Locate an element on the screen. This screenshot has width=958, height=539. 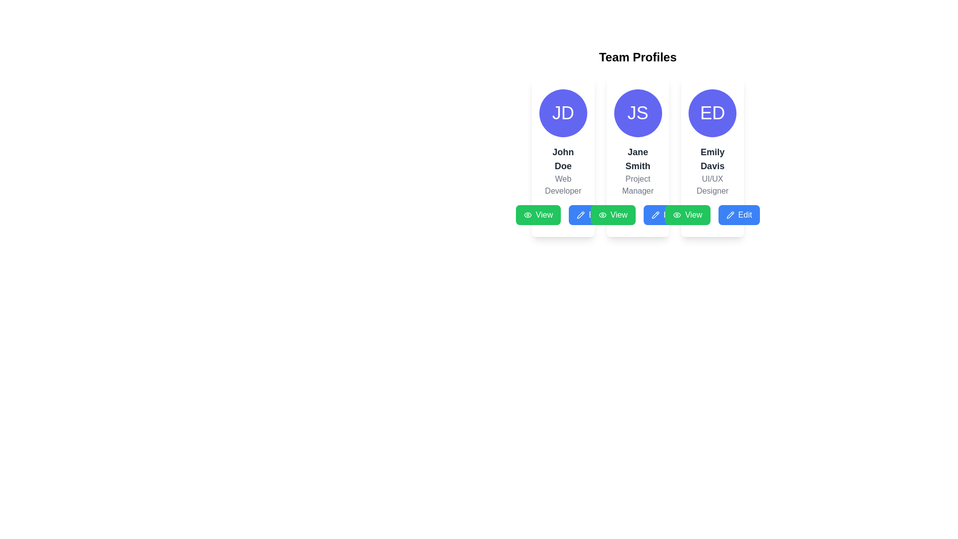
the Avatar or decorative profile badge located at the top of the second profile card from the left, which represents Jane Smith's profile in the 'Team Profiles' section is located at coordinates (637, 113).